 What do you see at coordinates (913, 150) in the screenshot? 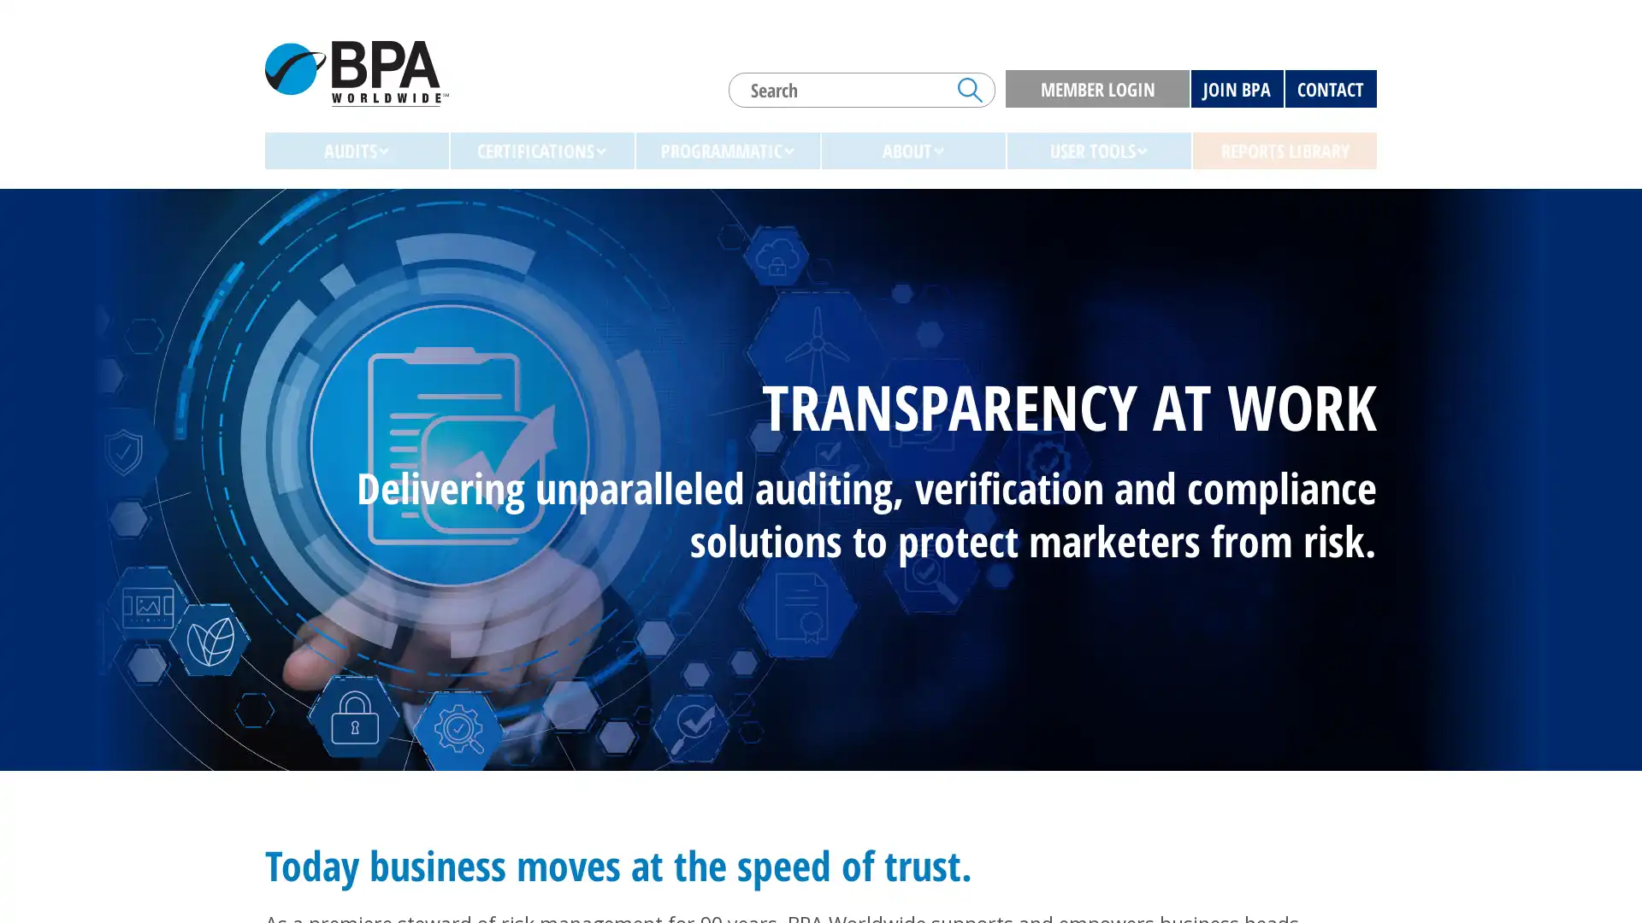
I see `ABOUT` at bounding box center [913, 150].